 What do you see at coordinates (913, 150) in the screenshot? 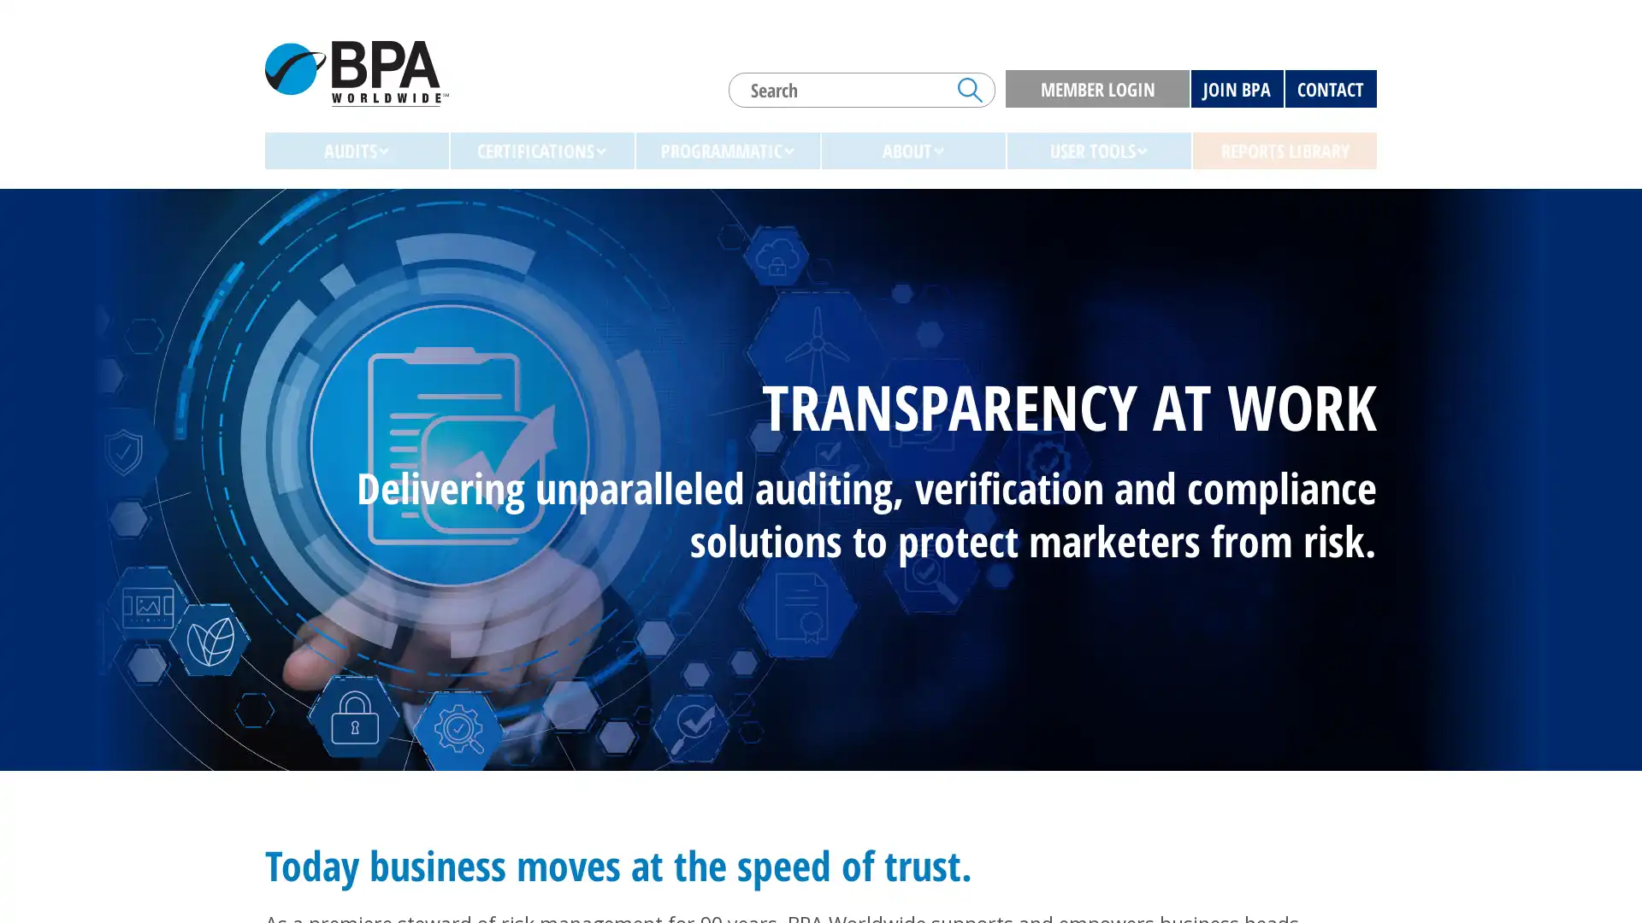
I see `ABOUT` at bounding box center [913, 150].